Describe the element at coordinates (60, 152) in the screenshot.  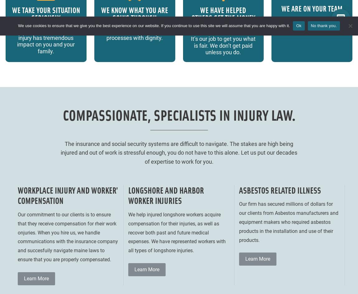
I see `'The insurance and social security systems are difficult to navigate. The stakes are high being injured and out of work is stressful enough, you do not have to this alone. Let us put our decades of expertise to work for you.'` at that location.